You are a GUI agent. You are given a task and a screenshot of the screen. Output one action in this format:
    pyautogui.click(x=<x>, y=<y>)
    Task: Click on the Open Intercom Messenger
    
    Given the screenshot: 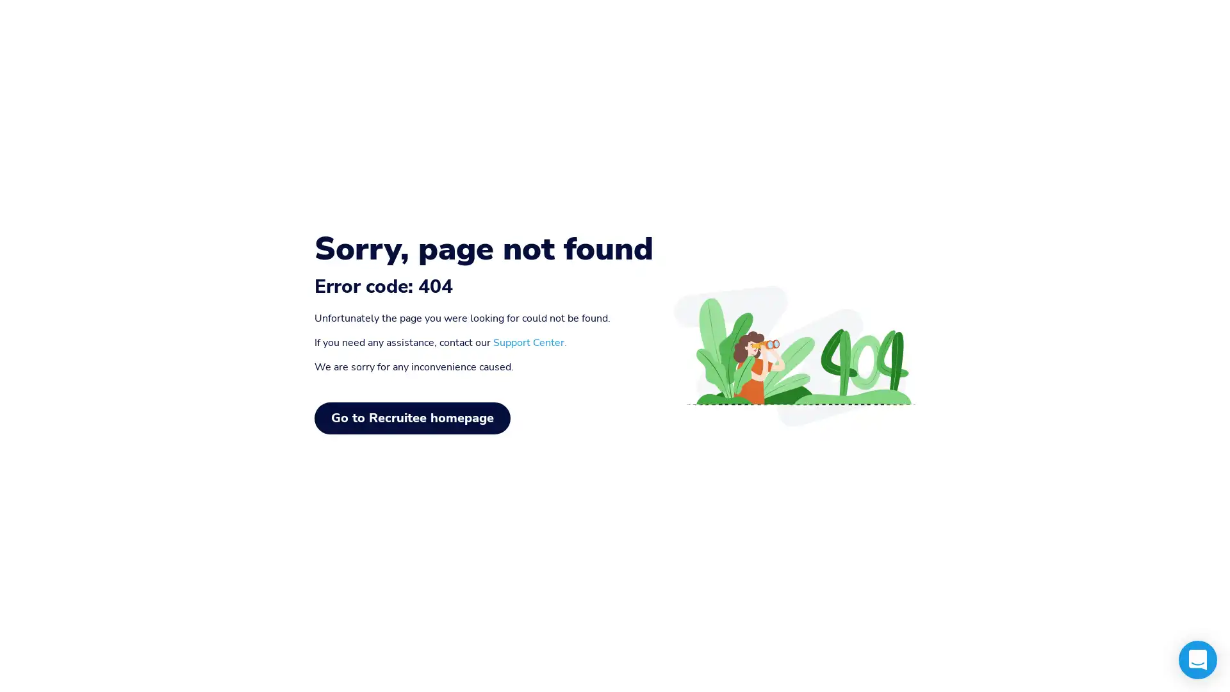 What is the action you would take?
    pyautogui.click(x=1197, y=659)
    